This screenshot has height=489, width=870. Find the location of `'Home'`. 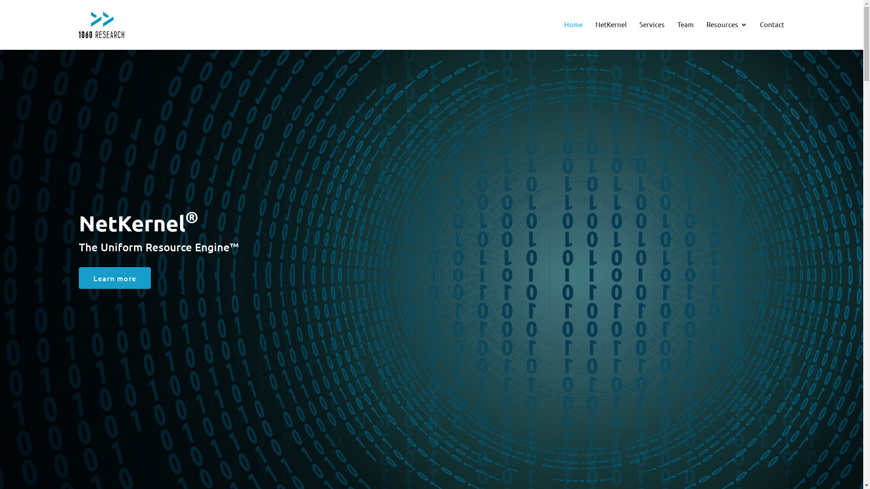

'Home' is located at coordinates (563, 24).